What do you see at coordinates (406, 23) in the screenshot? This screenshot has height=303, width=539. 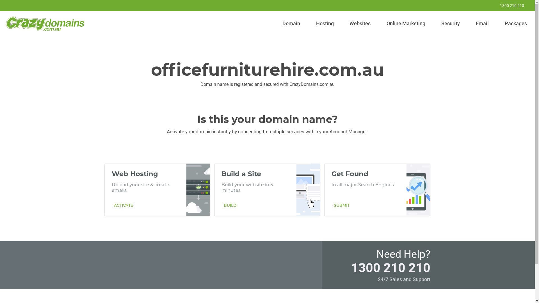 I see `'Online Marketing'` at bounding box center [406, 23].